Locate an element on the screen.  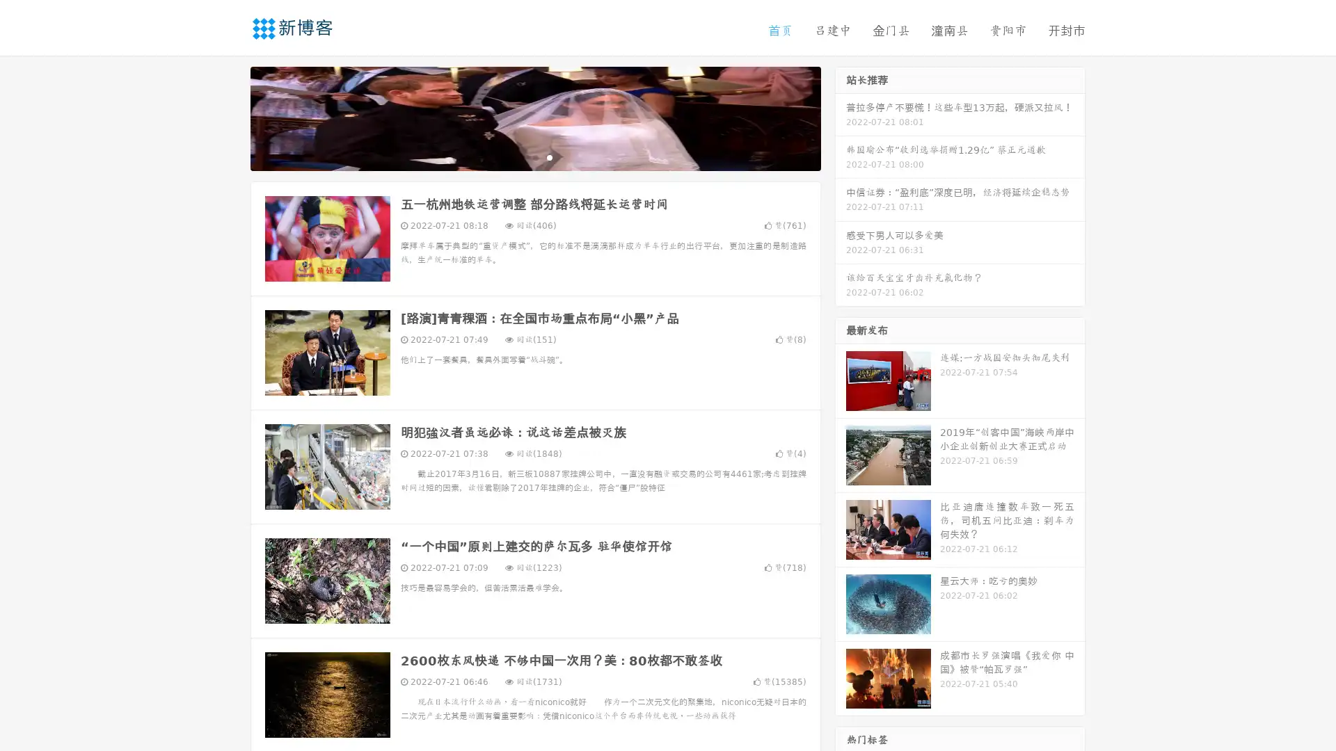
Go to slide 1 is located at coordinates (520, 156).